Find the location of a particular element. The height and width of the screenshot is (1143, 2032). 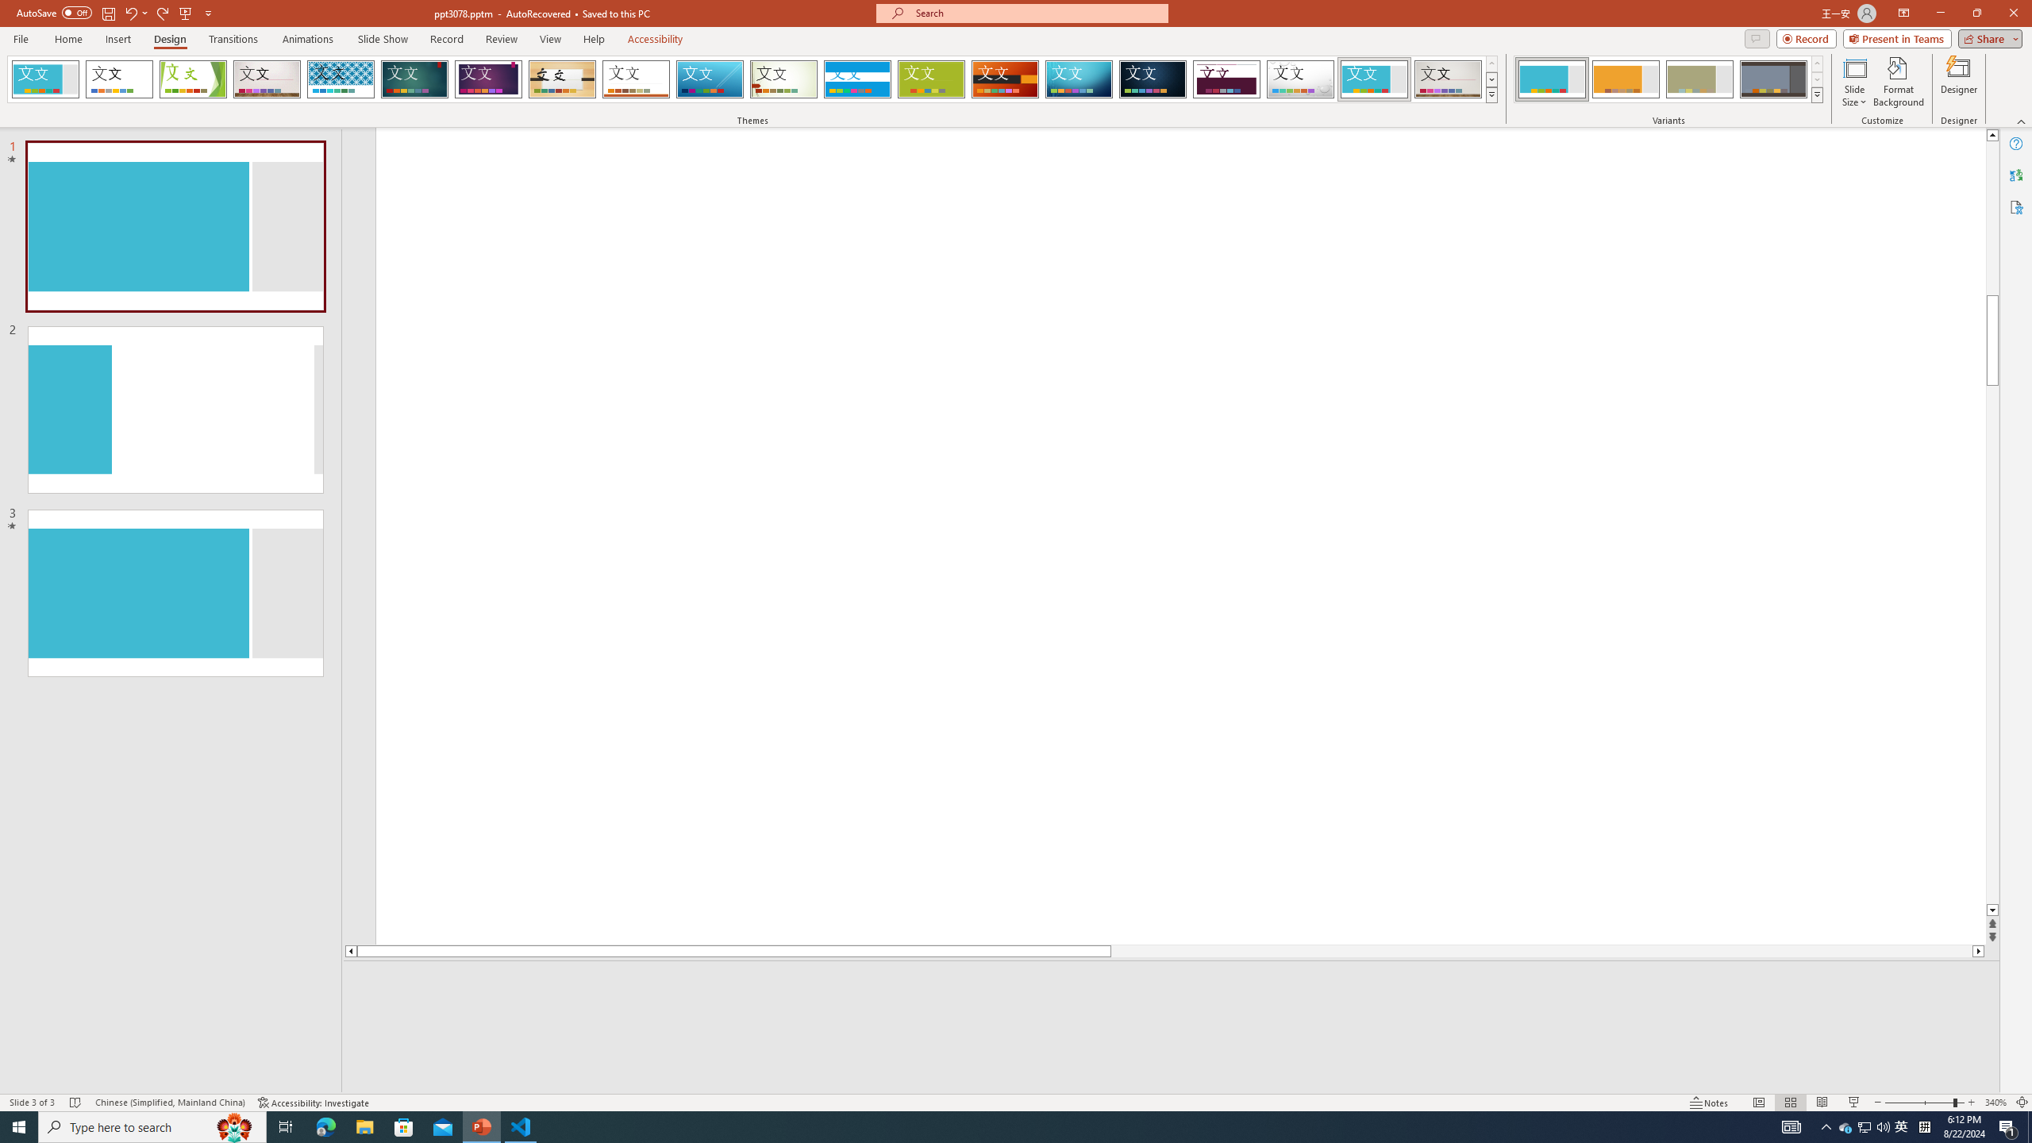

'Integral' is located at coordinates (341, 79).